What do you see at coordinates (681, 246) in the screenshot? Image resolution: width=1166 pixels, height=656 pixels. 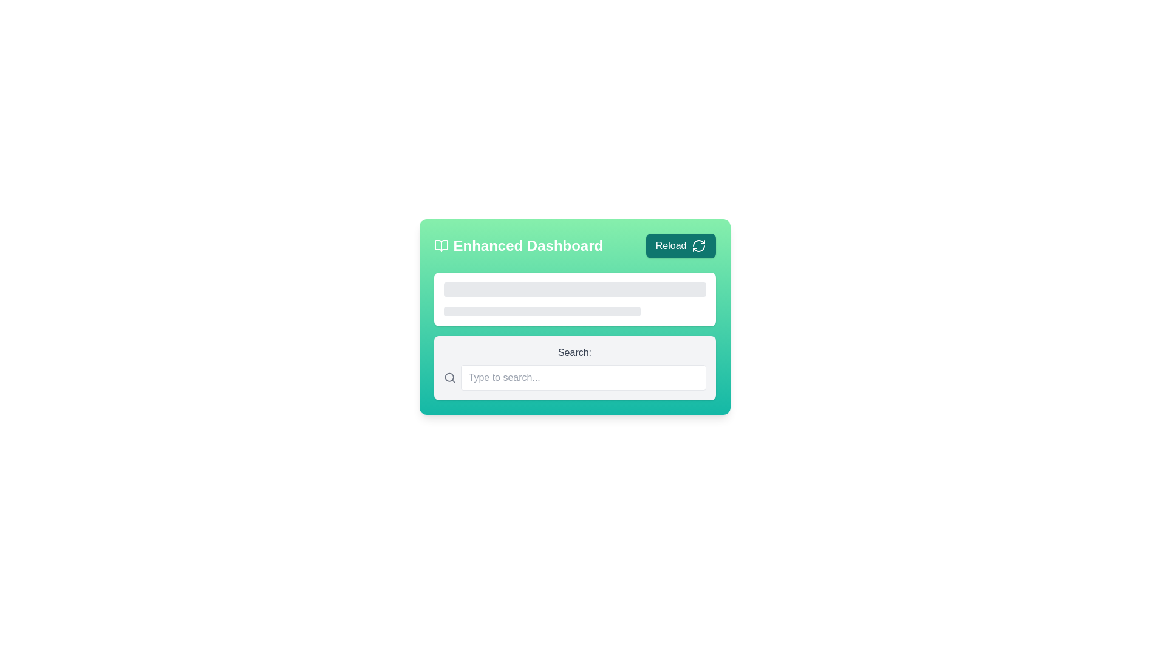 I see `the 'Reload' button with a teal background located at the top-right corner of the 'Enhanced Dashboard'` at bounding box center [681, 246].